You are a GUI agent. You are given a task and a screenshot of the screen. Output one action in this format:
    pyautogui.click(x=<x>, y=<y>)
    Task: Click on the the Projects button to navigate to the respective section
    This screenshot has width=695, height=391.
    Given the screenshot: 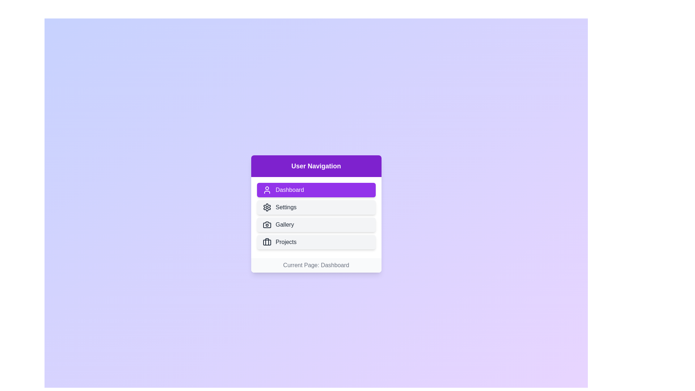 What is the action you would take?
    pyautogui.click(x=316, y=242)
    